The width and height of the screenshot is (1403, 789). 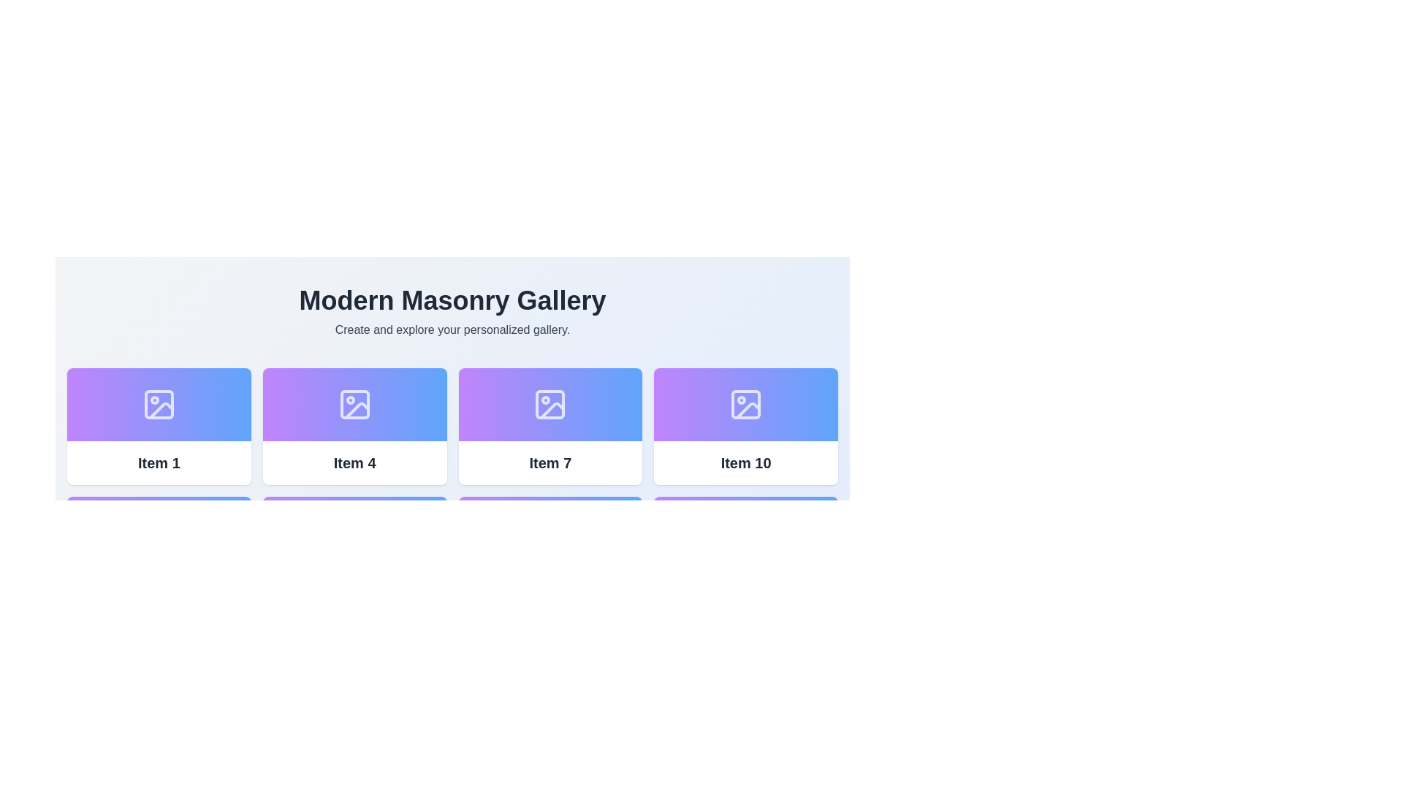 I want to click on the text label that reads 'Item 4', styled with a large, bold font and colored in dark gray, located in the second row of cards in a grid layout, so click(x=354, y=462).